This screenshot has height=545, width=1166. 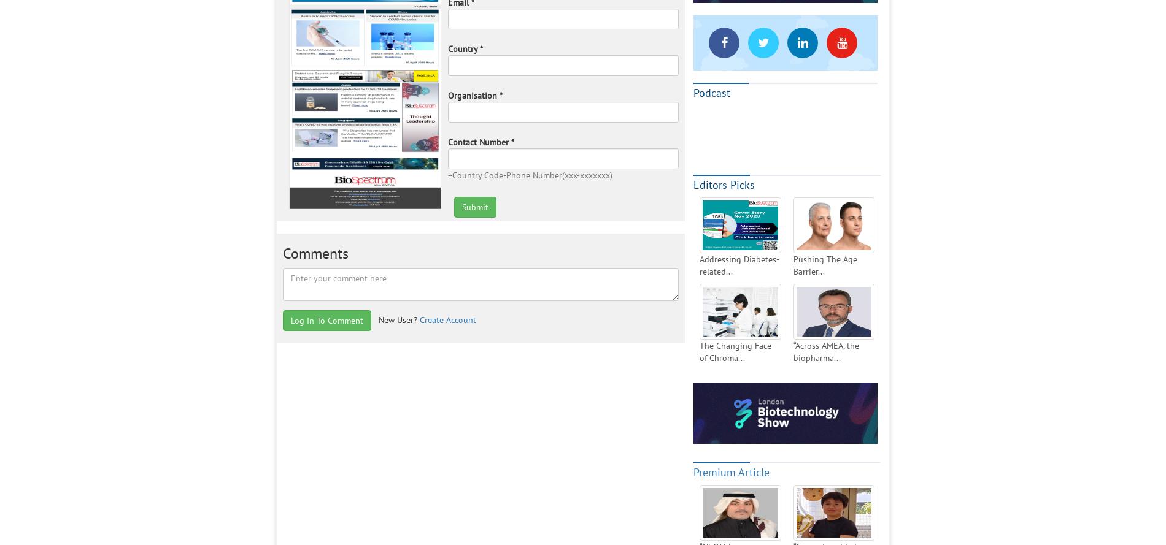 I want to click on 'Comments', so click(x=282, y=253).